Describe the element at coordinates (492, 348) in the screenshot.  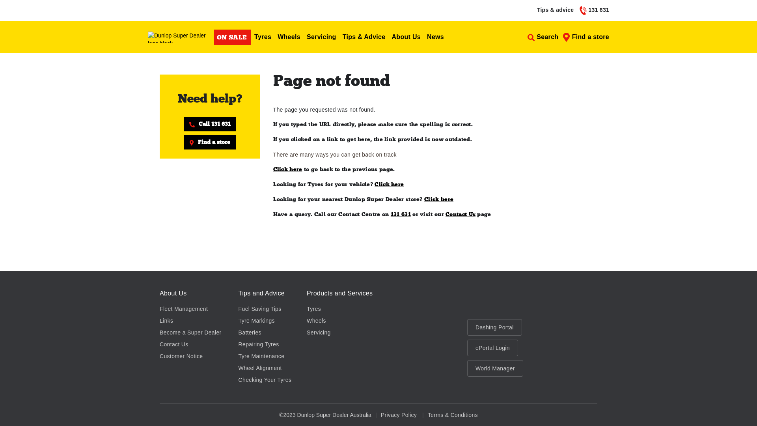
I see `'ePortal Login'` at that location.